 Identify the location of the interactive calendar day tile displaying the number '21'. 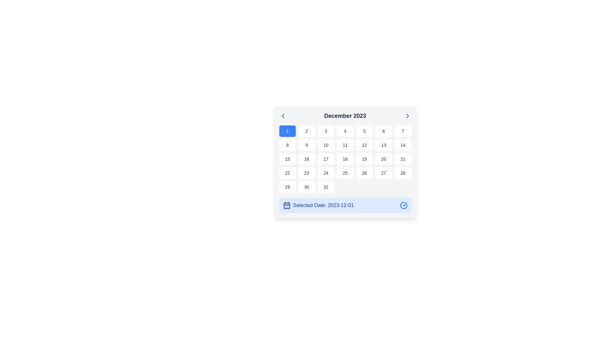
(402, 159).